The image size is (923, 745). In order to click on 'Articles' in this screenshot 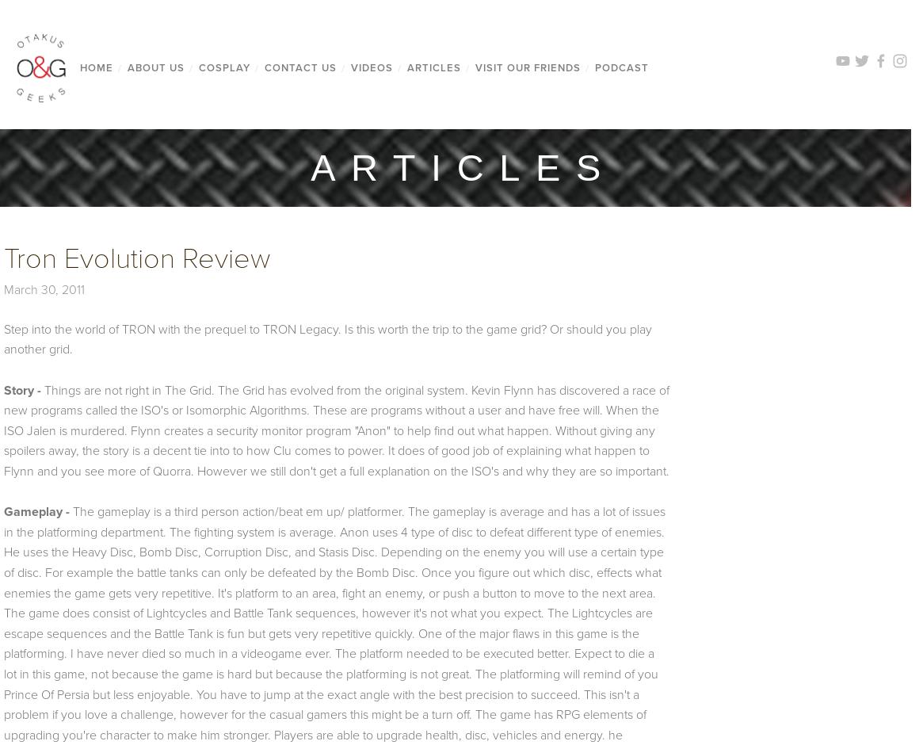, I will do `click(433, 67)`.